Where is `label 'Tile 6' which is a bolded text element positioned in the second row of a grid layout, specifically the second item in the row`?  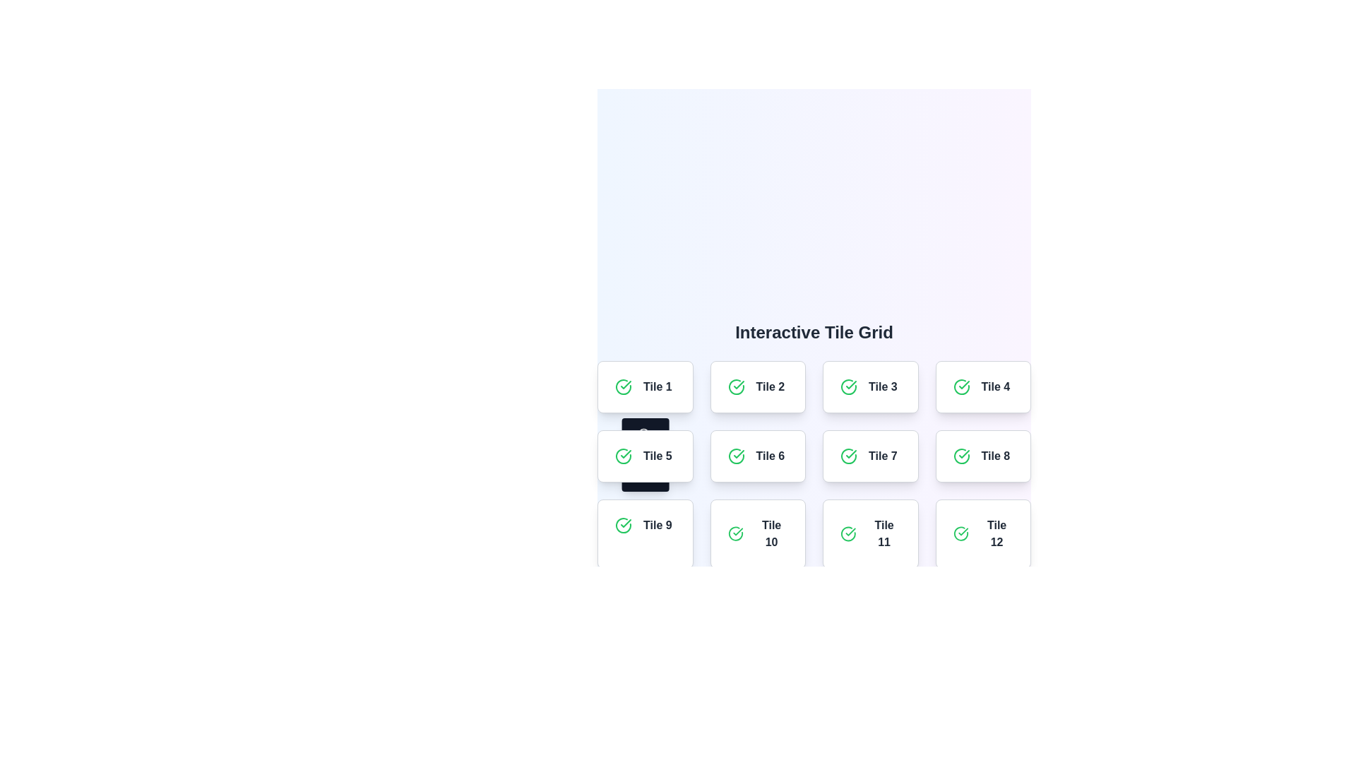 label 'Tile 6' which is a bolded text element positioned in the second row of a grid layout, specifically the second item in the row is located at coordinates (769, 456).